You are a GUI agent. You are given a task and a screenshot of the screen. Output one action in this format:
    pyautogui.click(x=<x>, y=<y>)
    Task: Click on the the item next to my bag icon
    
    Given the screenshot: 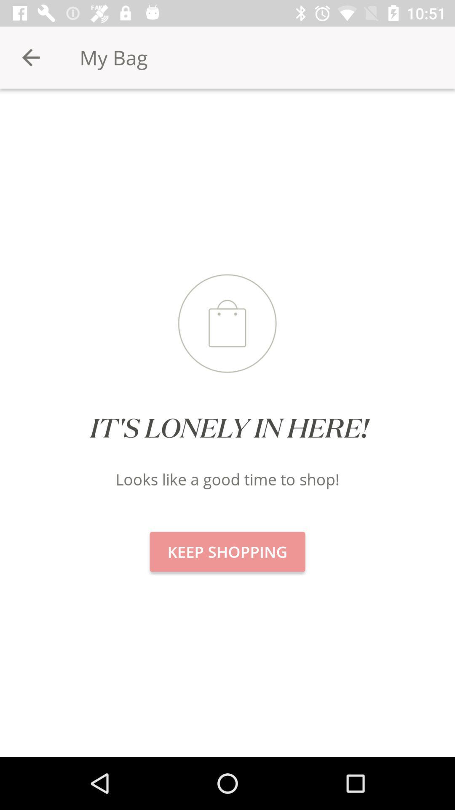 What is the action you would take?
    pyautogui.click(x=30, y=57)
    